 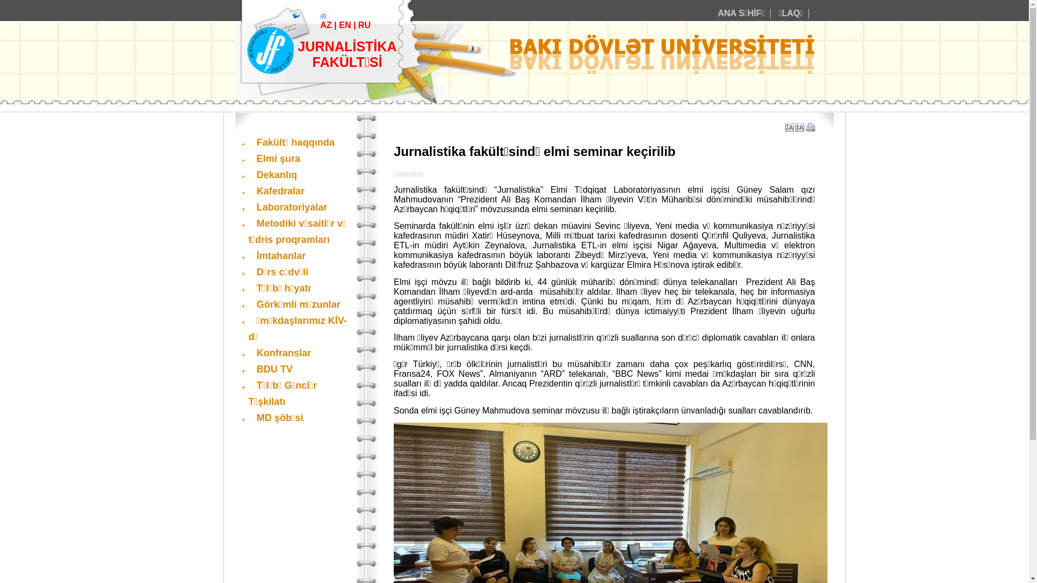 What do you see at coordinates (364, 24) in the screenshot?
I see `'RU'` at bounding box center [364, 24].